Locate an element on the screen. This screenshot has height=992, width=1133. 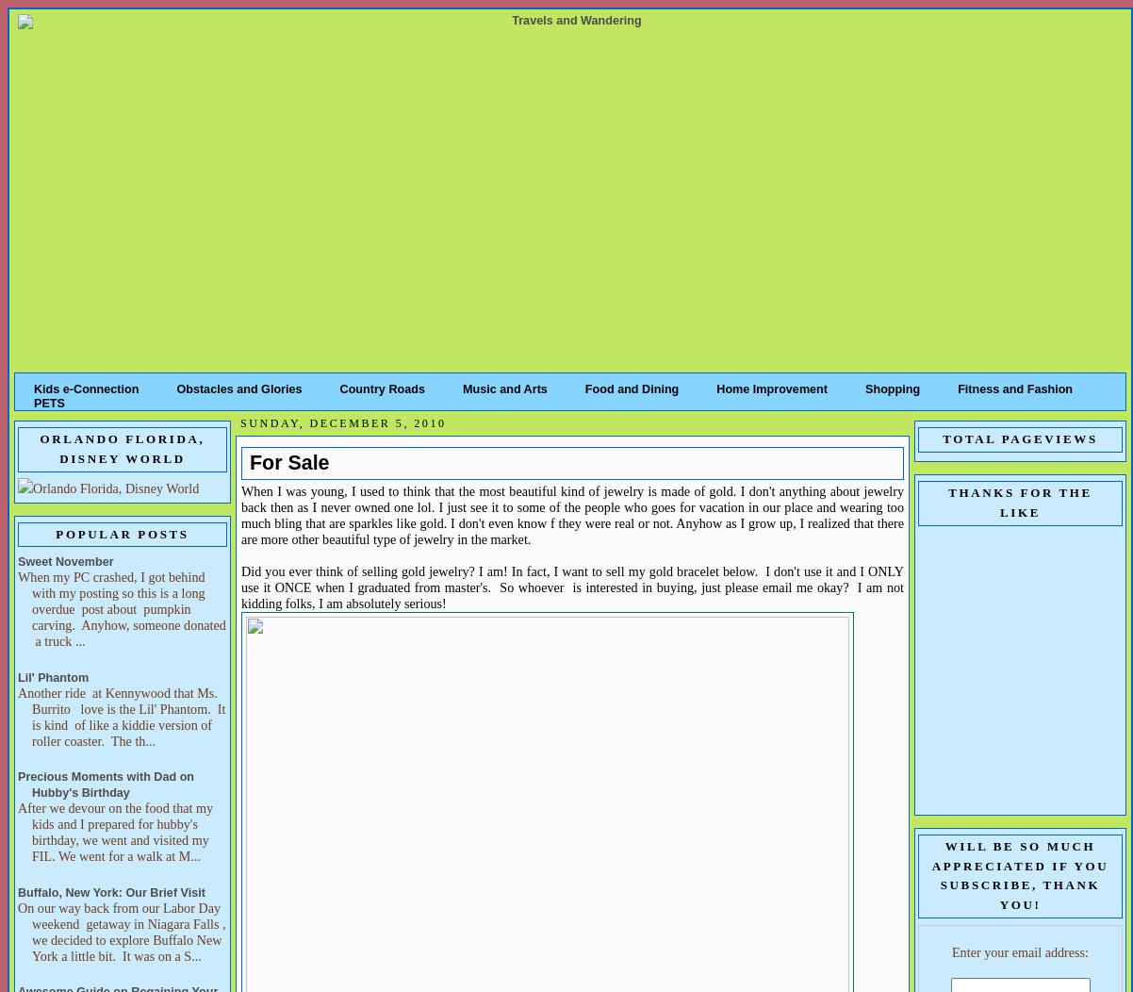
'Sunday, December 5, 2010' is located at coordinates (341, 422).